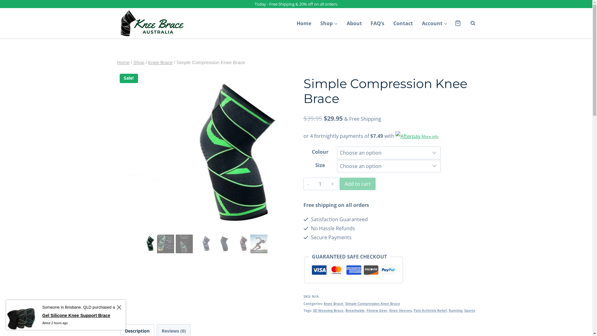 This screenshot has width=597, height=336. What do you see at coordinates (355, 310) in the screenshot?
I see `'Breathable'` at bounding box center [355, 310].